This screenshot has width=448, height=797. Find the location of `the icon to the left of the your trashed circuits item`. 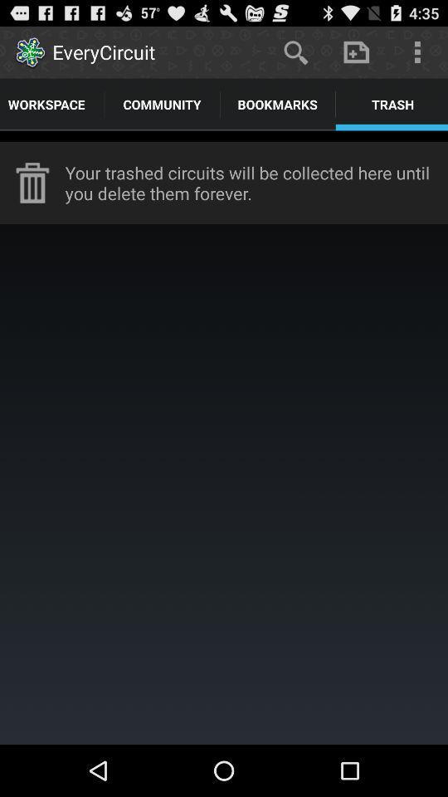

the icon to the left of the your trashed circuits item is located at coordinates (32, 183).